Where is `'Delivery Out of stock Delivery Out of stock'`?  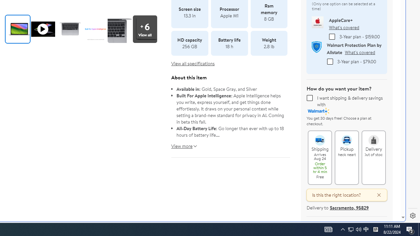 'Delivery Out of stock Delivery Out of stock' is located at coordinates (374, 157).